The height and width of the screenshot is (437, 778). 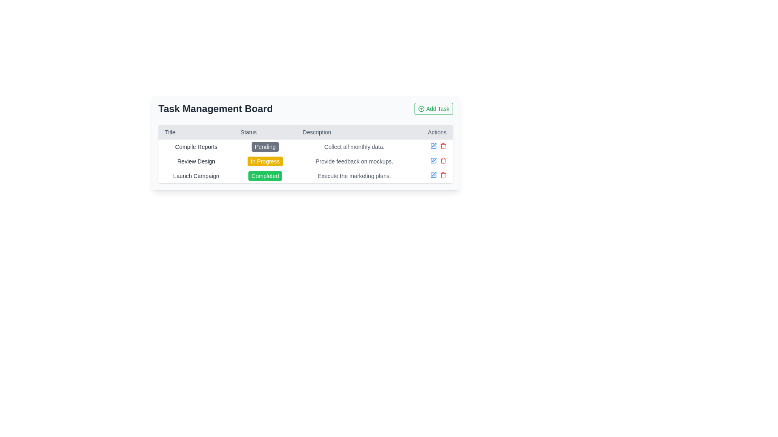 What do you see at coordinates (265, 176) in the screenshot?
I see `the rounded rectangular button-like component with a green background and white text that displays 'Completed', located under the 'Status' column associated with the 'Launch Campaign' row` at bounding box center [265, 176].